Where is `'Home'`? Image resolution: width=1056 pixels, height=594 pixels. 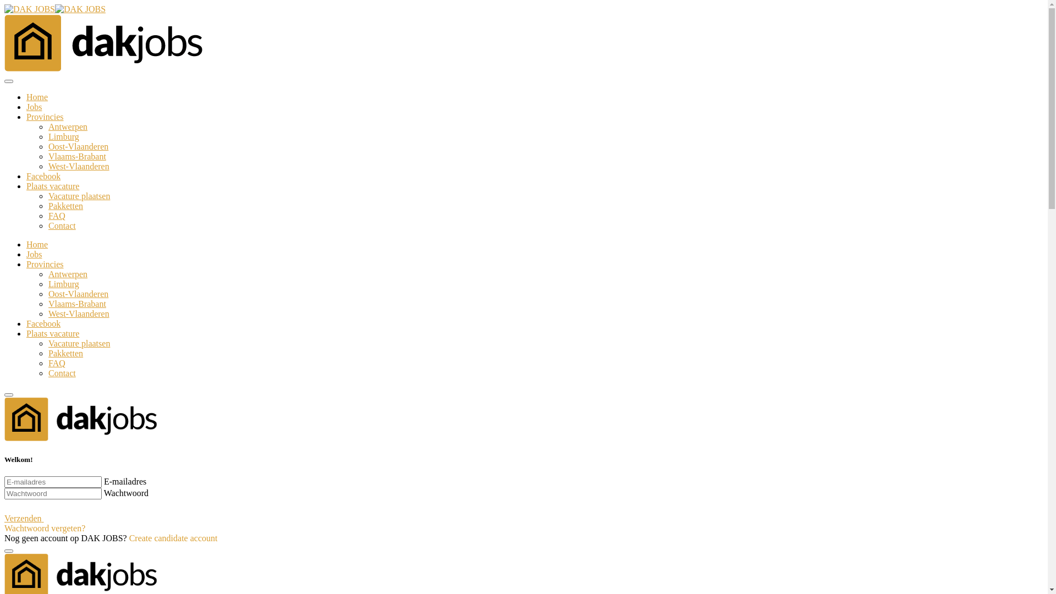
'Home' is located at coordinates (37, 244).